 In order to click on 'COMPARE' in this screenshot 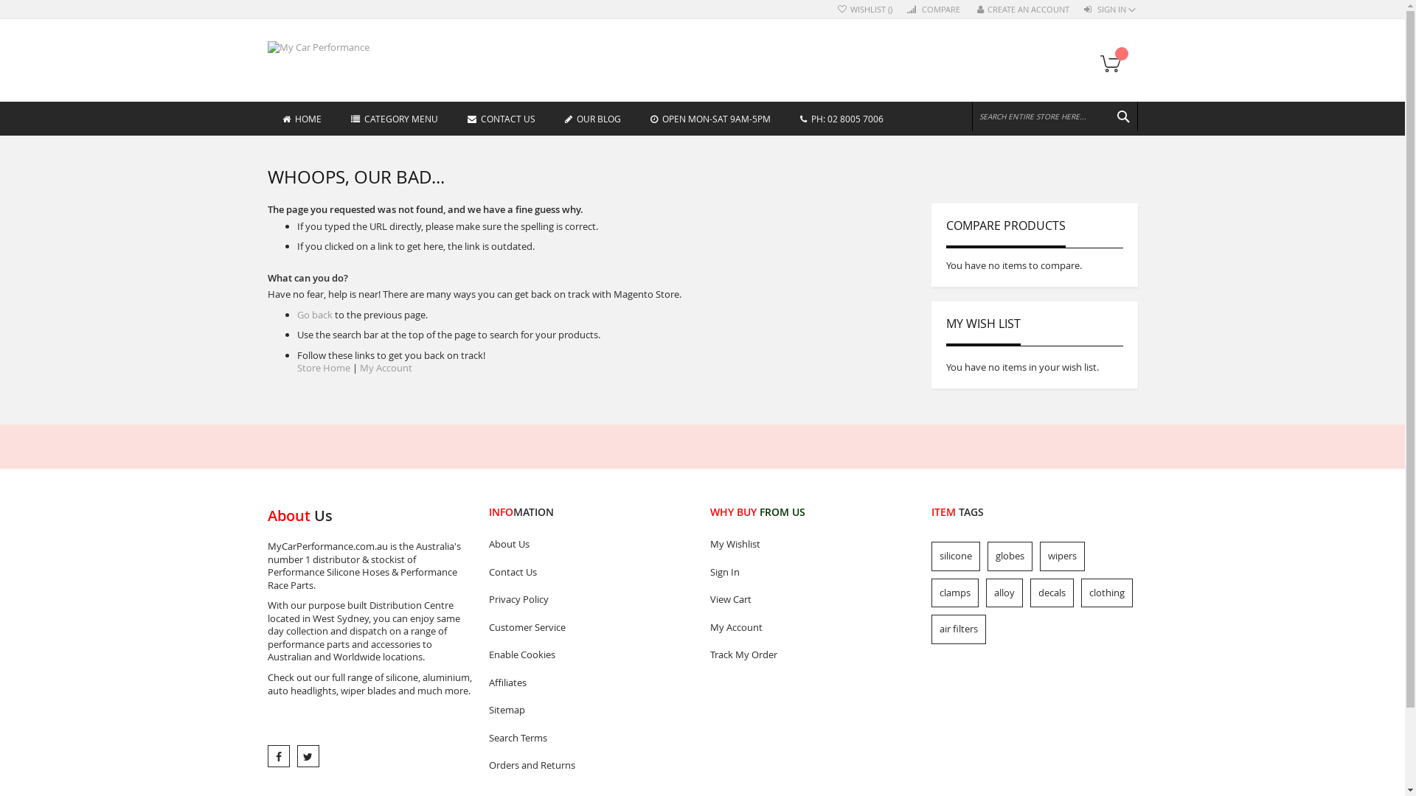, I will do `click(934, 10)`.